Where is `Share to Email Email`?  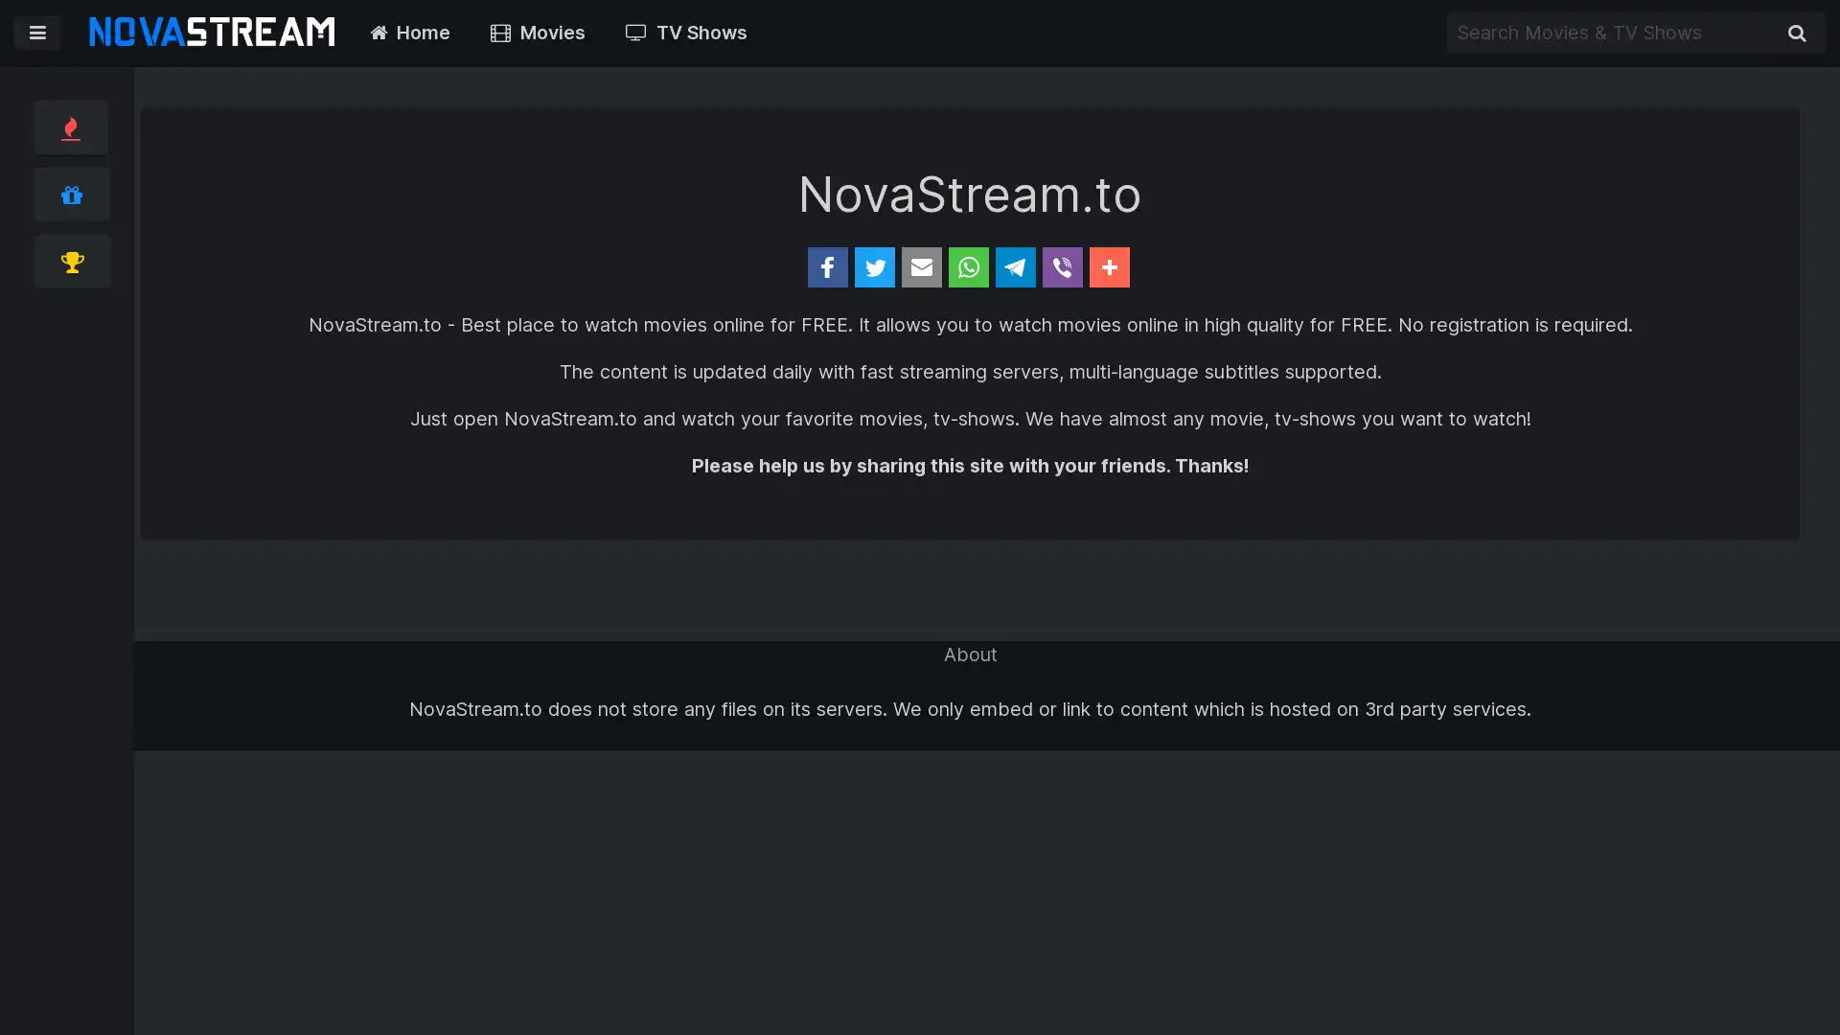 Share to Email Email is located at coordinates (867, 266).